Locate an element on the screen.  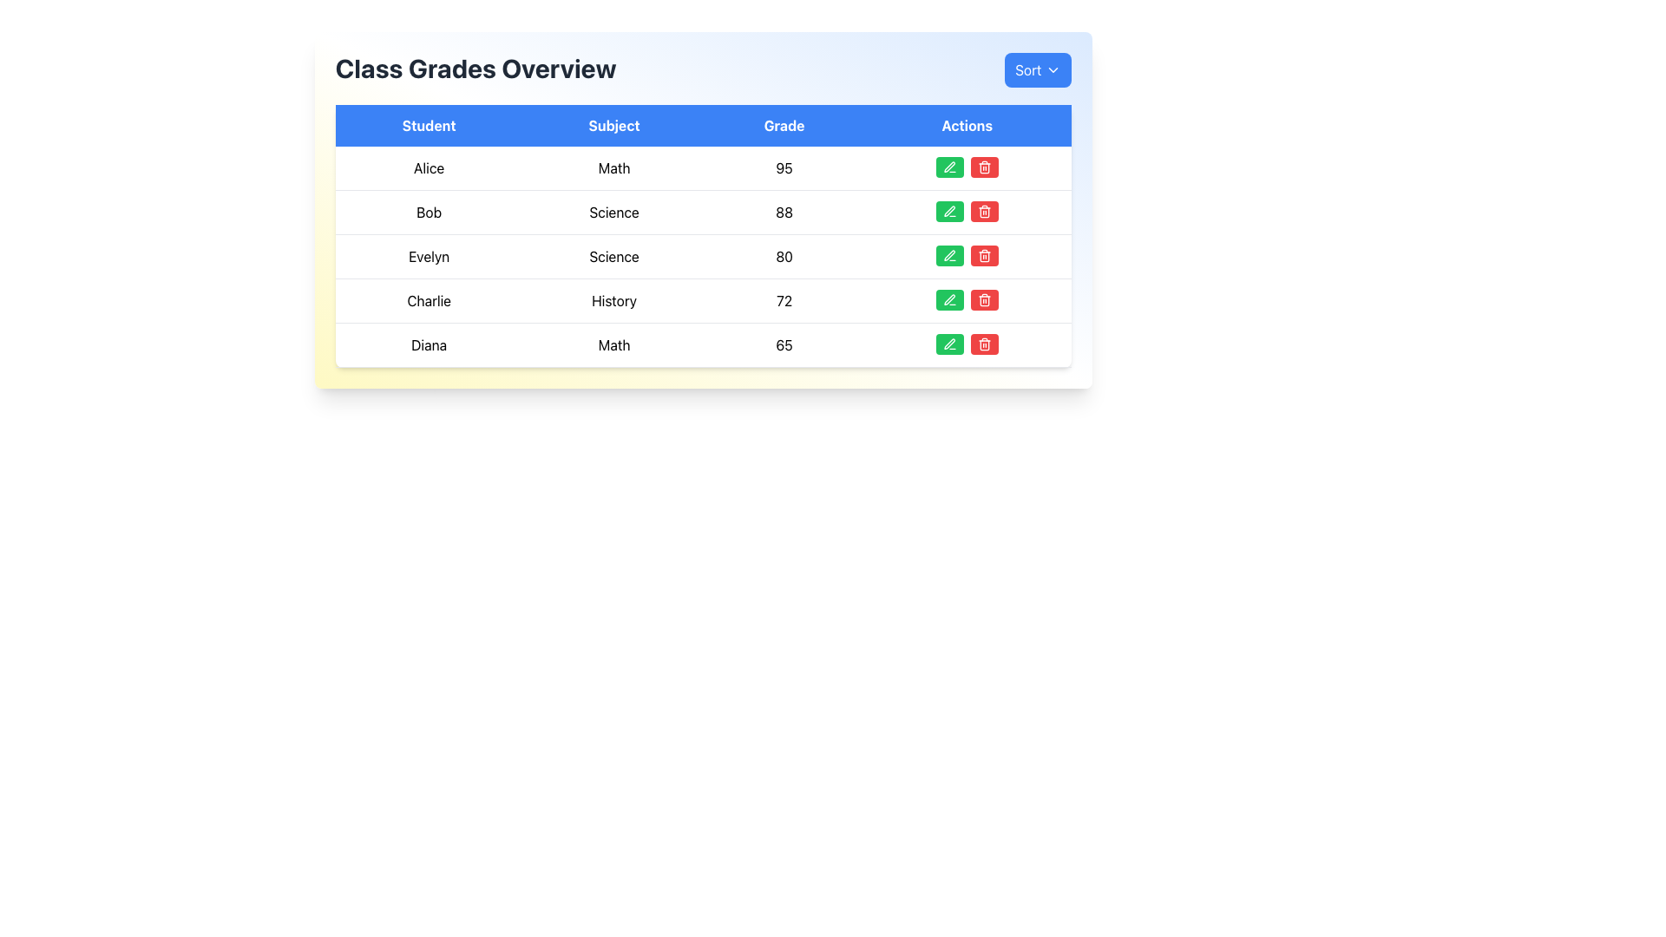
the green pencil icon for edit functionality located in the Actions column of the table, in the last row corresponding to the student Diana is located at coordinates (948, 344).